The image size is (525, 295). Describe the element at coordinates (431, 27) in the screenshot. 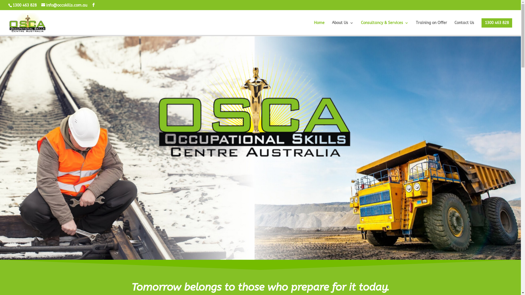

I see `'Training on Offer'` at that location.